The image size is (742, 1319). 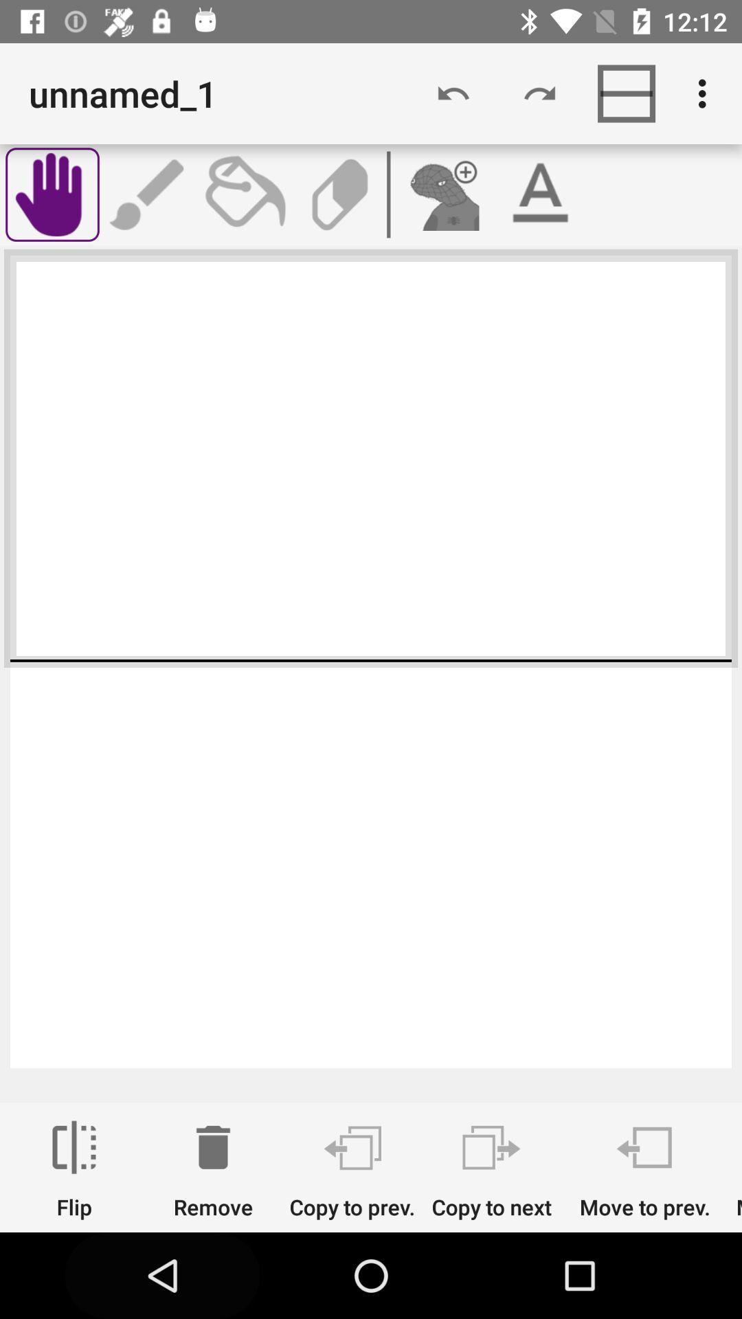 I want to click on pan canvas, so click(x=52, y=194).